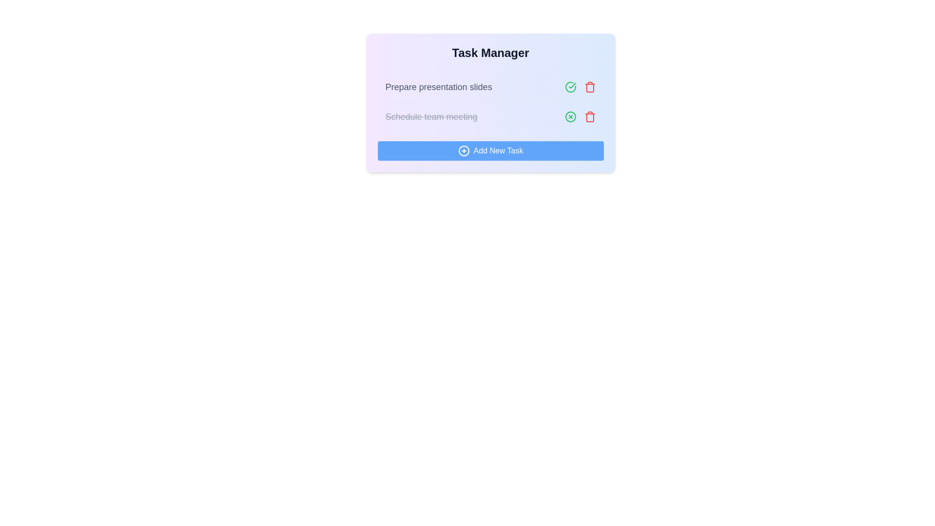  I want to click on the delete icon for the task with the name Schedule team meeting, so click(589, 116).